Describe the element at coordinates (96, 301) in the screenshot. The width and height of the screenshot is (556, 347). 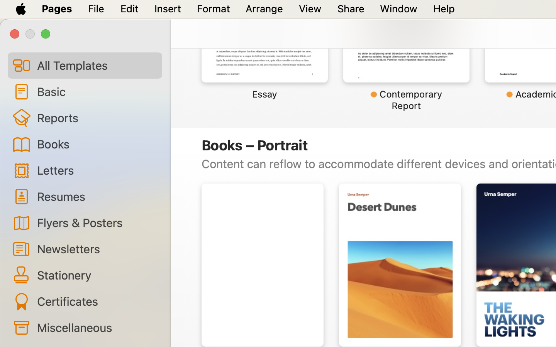
I see `'Certificates'` at that location.